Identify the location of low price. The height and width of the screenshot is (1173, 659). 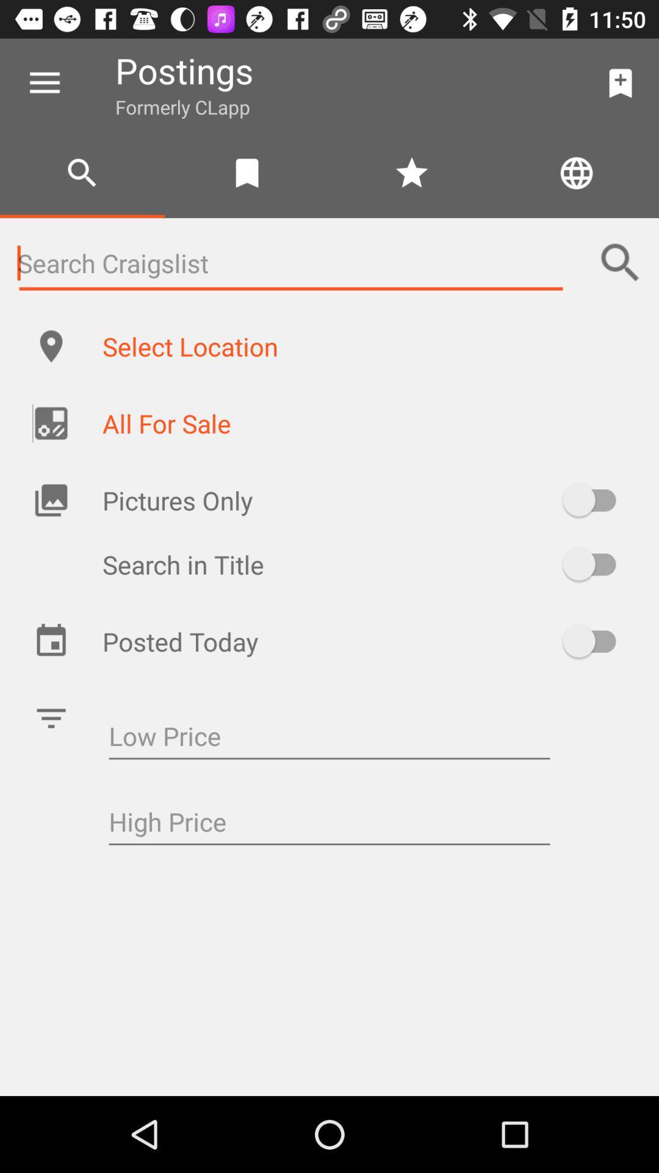
(329, 737).